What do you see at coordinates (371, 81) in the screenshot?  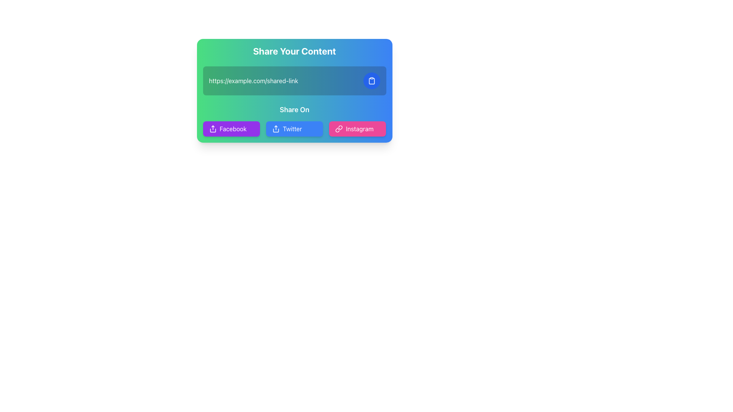 I see `the rightmost button that serves to copy the URL from the adjacent input field to the clipboard` at bounding box center [371, 81].